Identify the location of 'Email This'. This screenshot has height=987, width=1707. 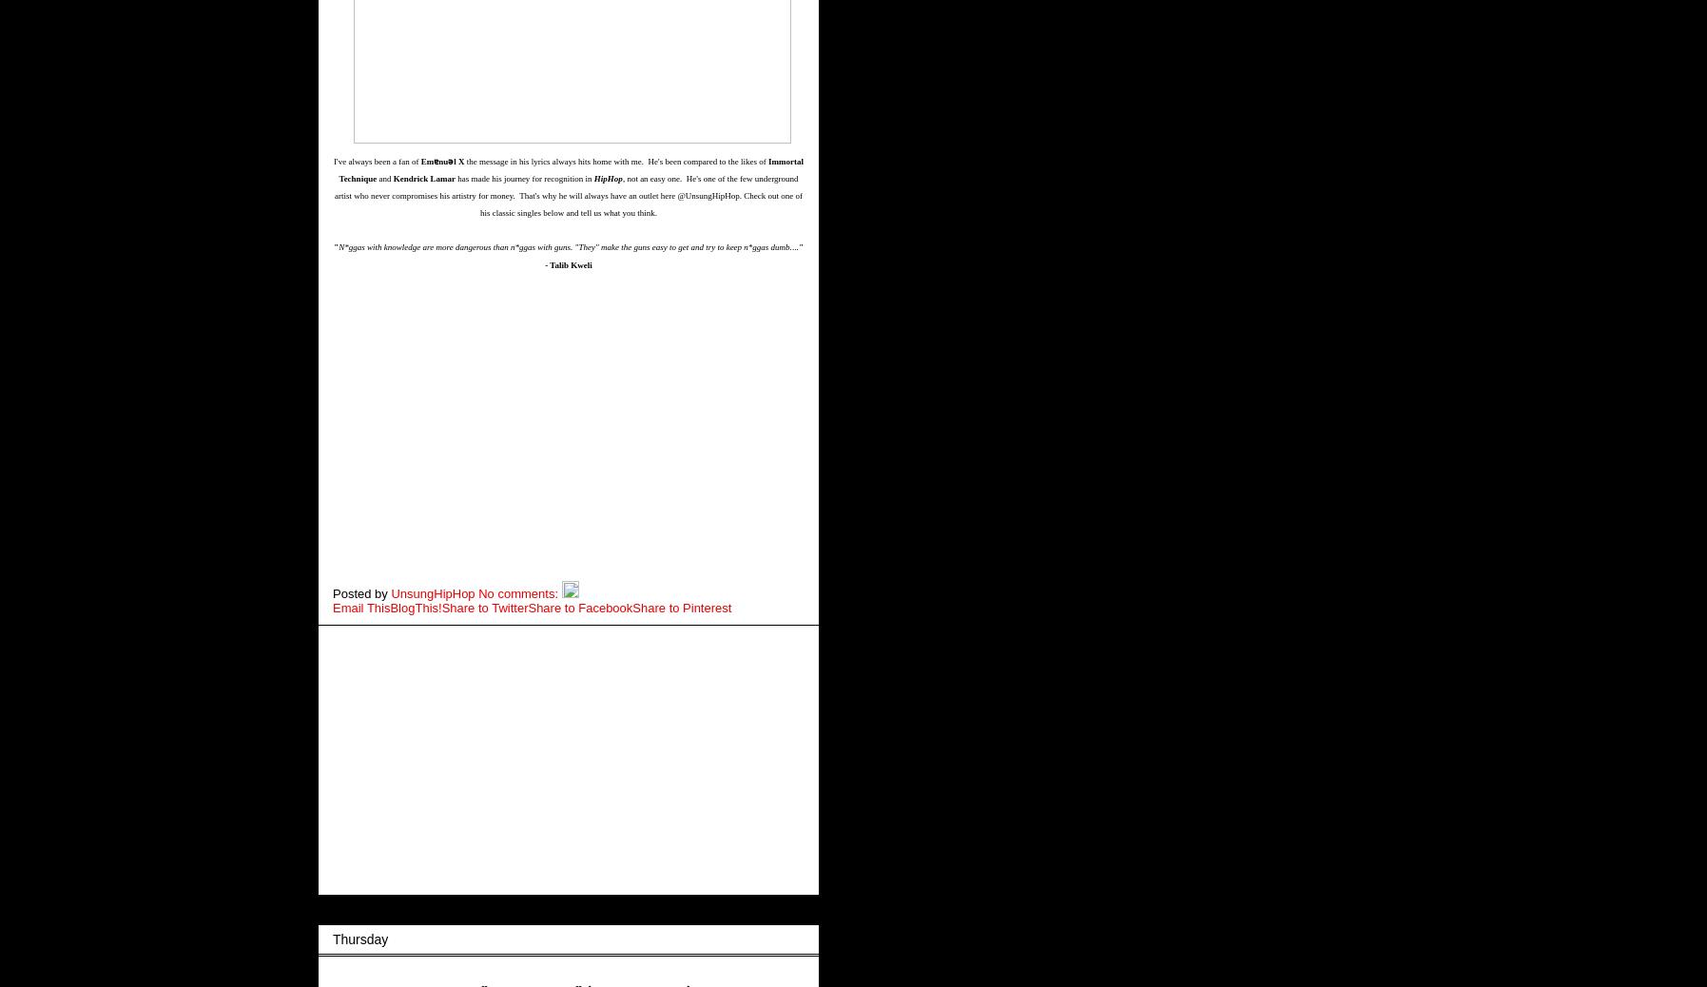
(361, 606).